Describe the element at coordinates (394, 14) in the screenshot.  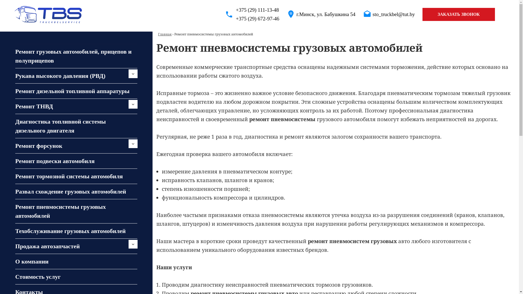
I see `'sto_truckbel@tut.by'` at that location.